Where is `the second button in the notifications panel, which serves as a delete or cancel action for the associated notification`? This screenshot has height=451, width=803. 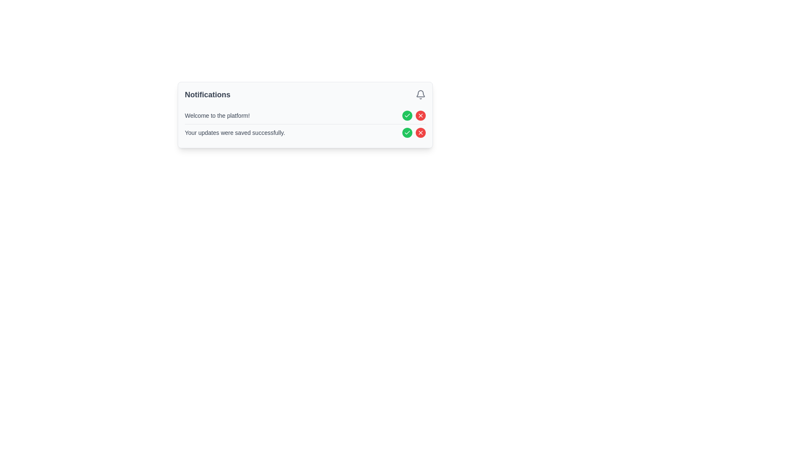 the second button in the notifications panel, which serves as a delete or cancel action for the associated notification is located at coordinates (421, 116).